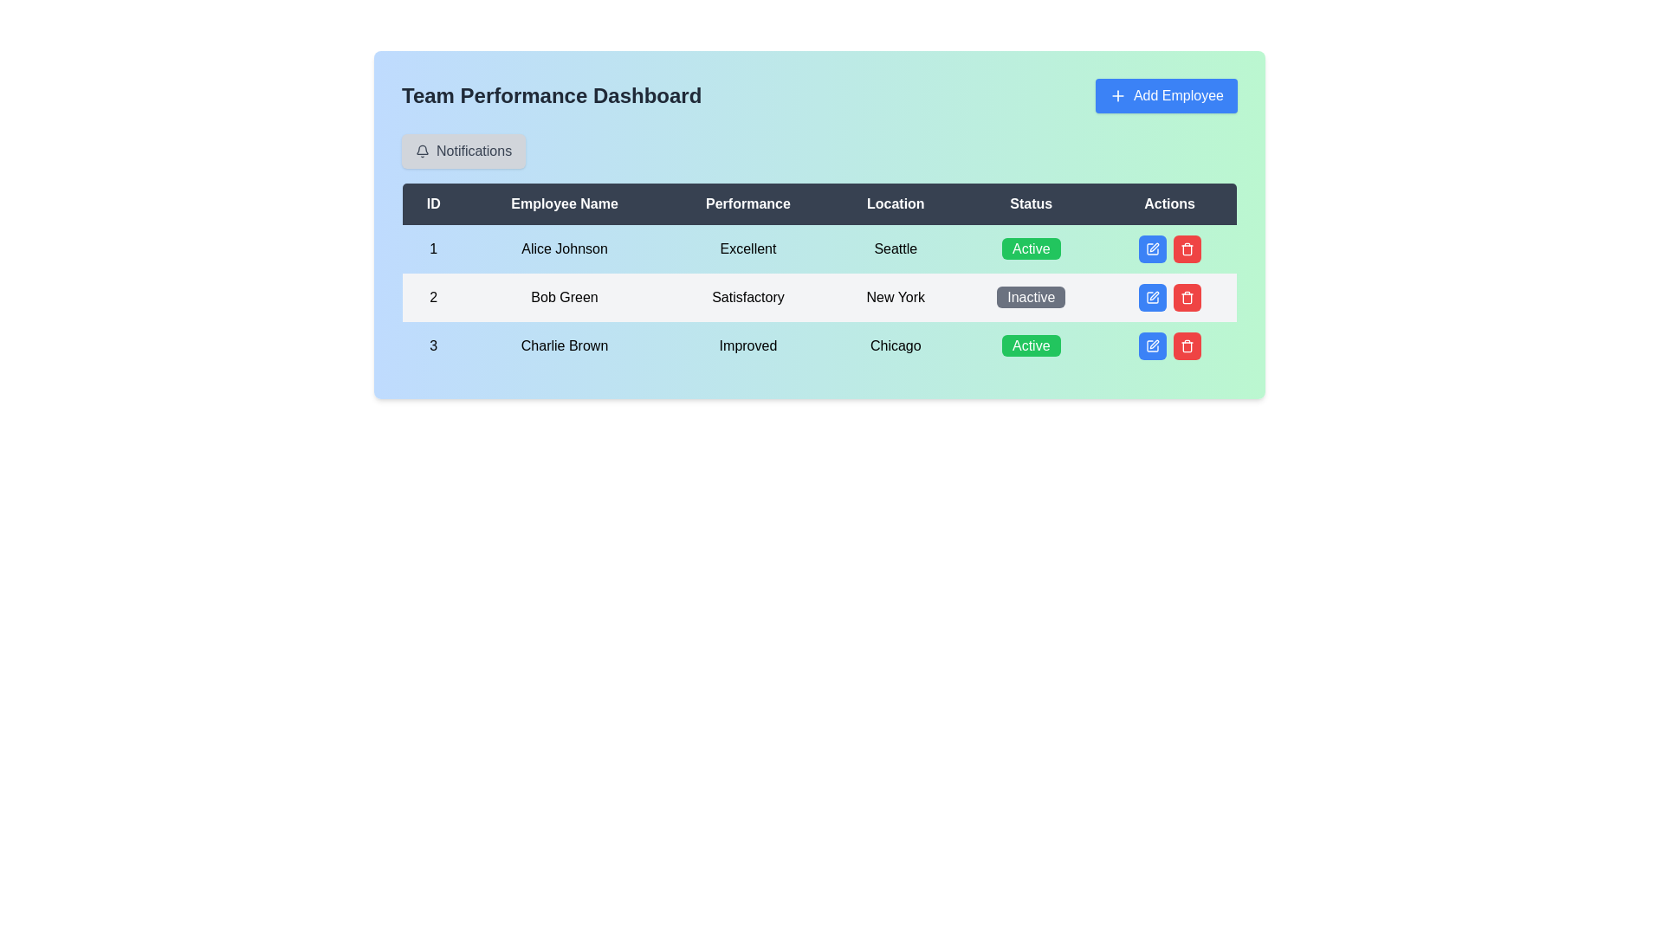 The width and height of the screenshot is (1663, 935). Describe the element at coordinates (423, 150) in the screenshot. I see `the bell icon element, which is a small gray outline bell symbol located inside the 'Notifications' button` at that location.